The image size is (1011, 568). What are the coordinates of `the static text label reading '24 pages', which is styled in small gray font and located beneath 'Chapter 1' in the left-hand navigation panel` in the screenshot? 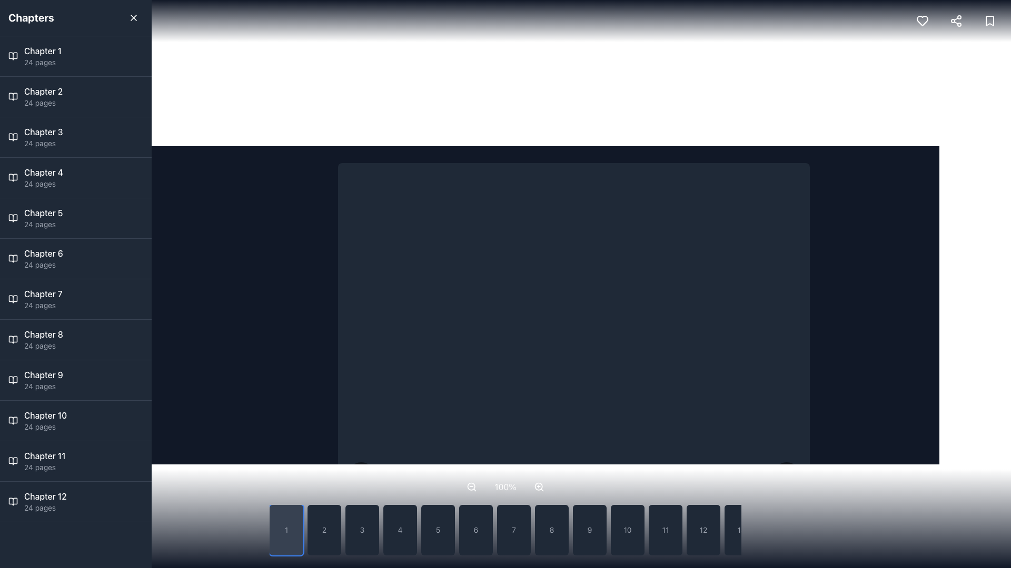 It's located at (42, 63).